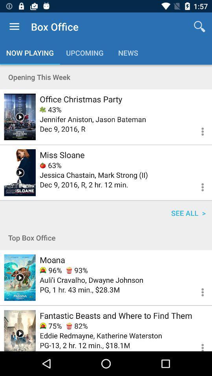 The image size is (212, 376). I want to click on video, so click(20, 277).